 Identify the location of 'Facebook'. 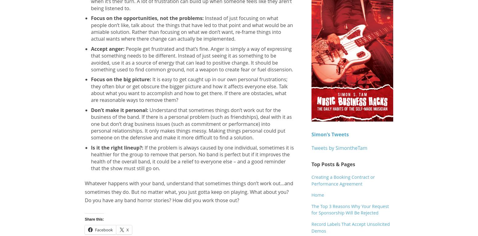
(103, 230).